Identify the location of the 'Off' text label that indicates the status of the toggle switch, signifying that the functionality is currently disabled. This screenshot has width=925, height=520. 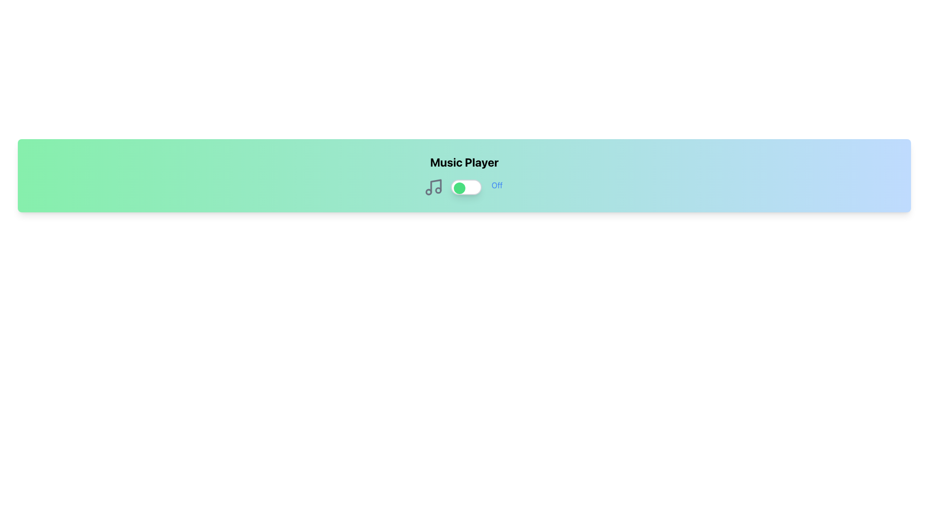
(497, 187).